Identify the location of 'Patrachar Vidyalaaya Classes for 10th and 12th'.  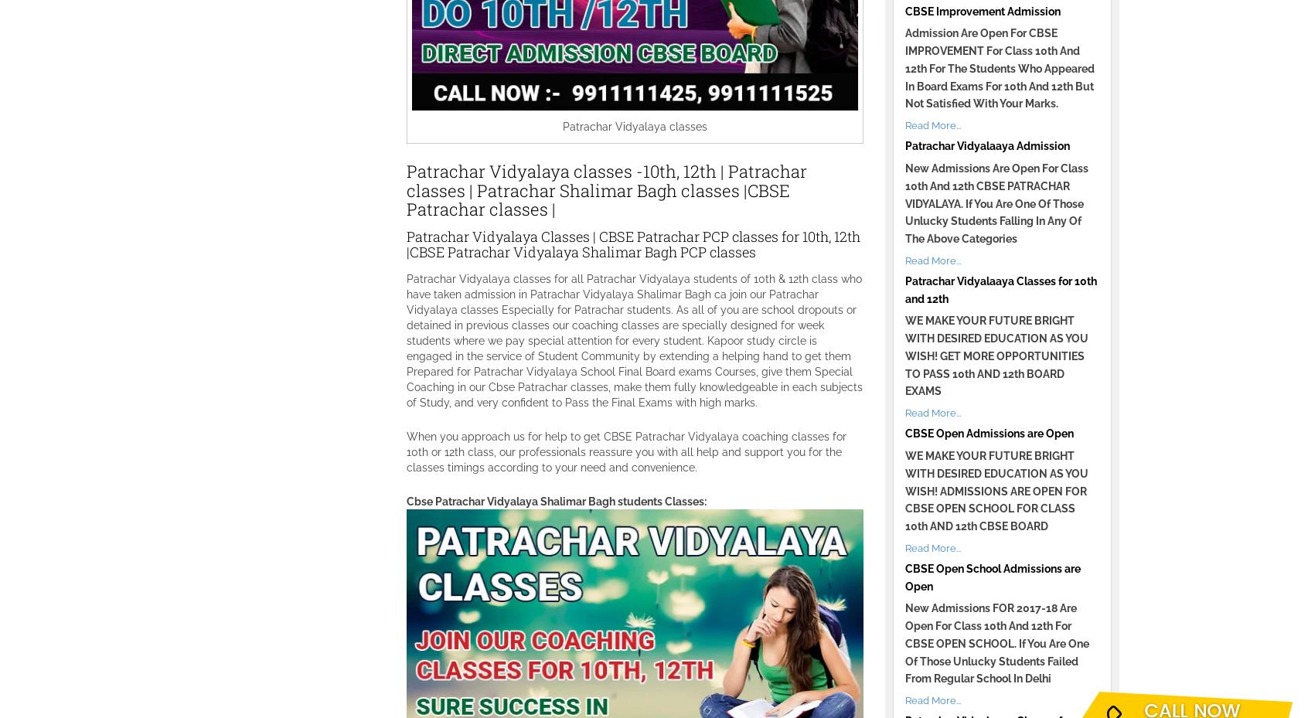
(1000, 288).